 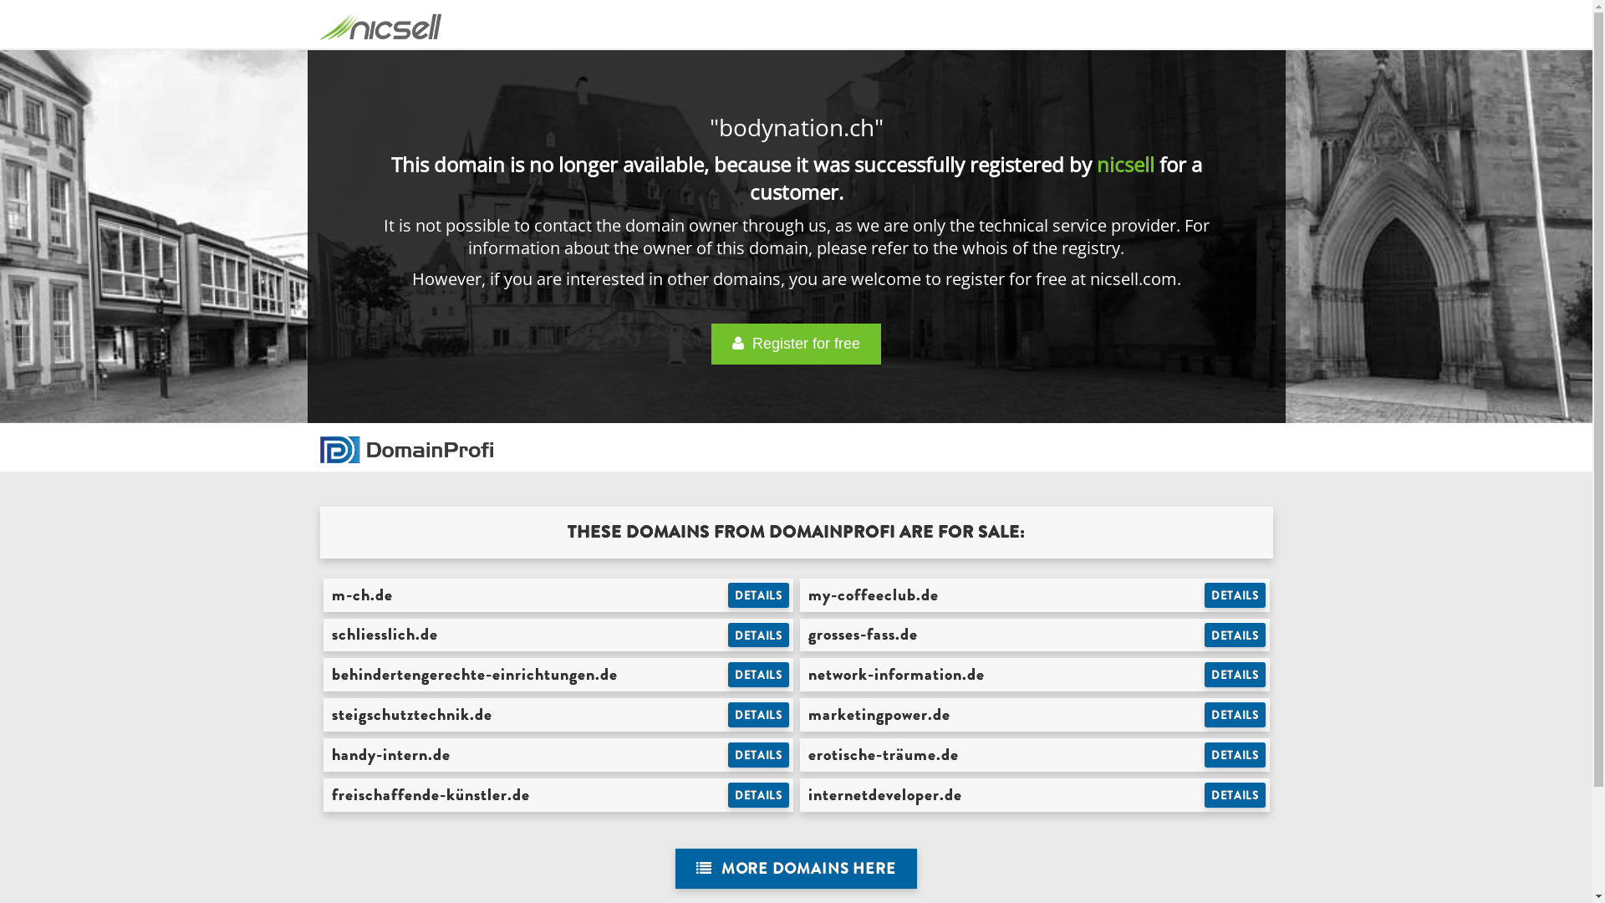 What do you see at coordinates (1204, 715) in the screenshot?
I see `'DETAILS'` at bounding box center [1204, 715].